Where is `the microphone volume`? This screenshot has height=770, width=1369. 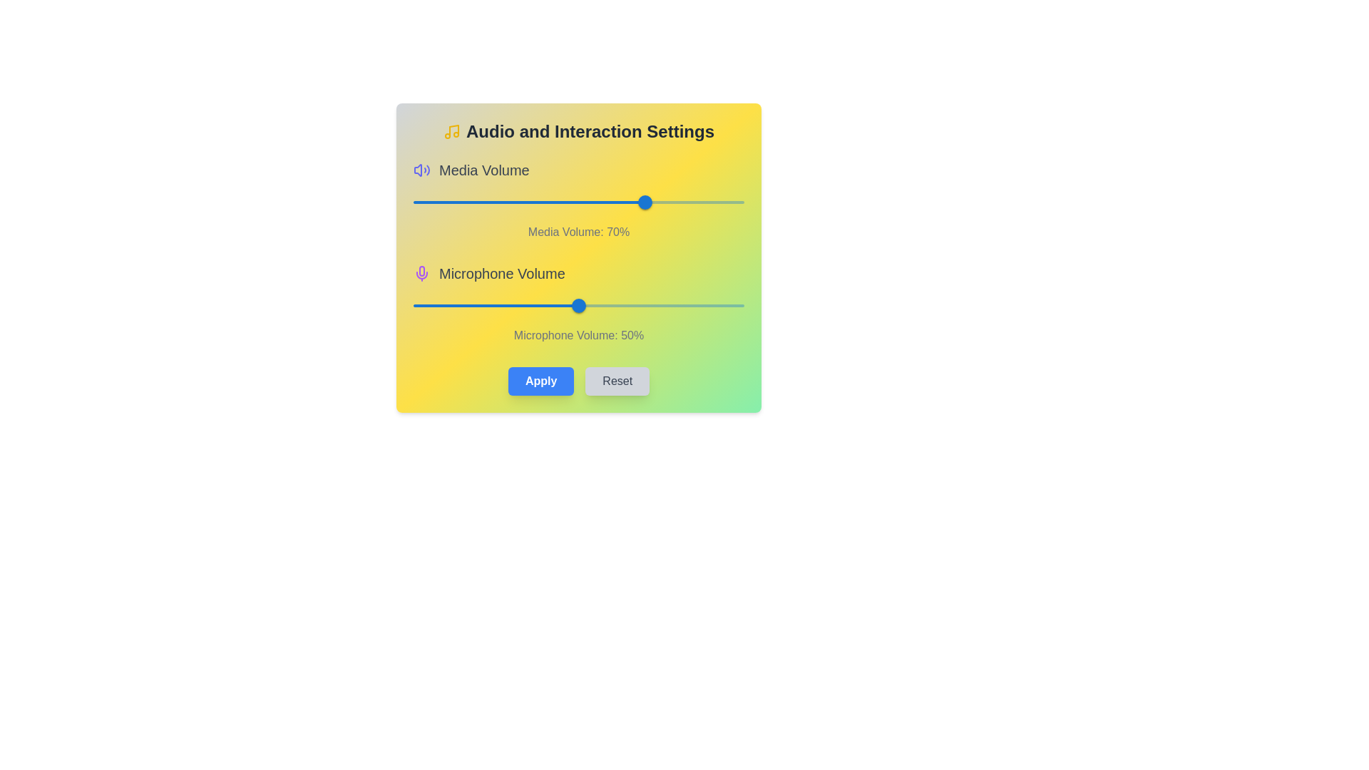
the microphone volume is located at coordinates (416, 304).